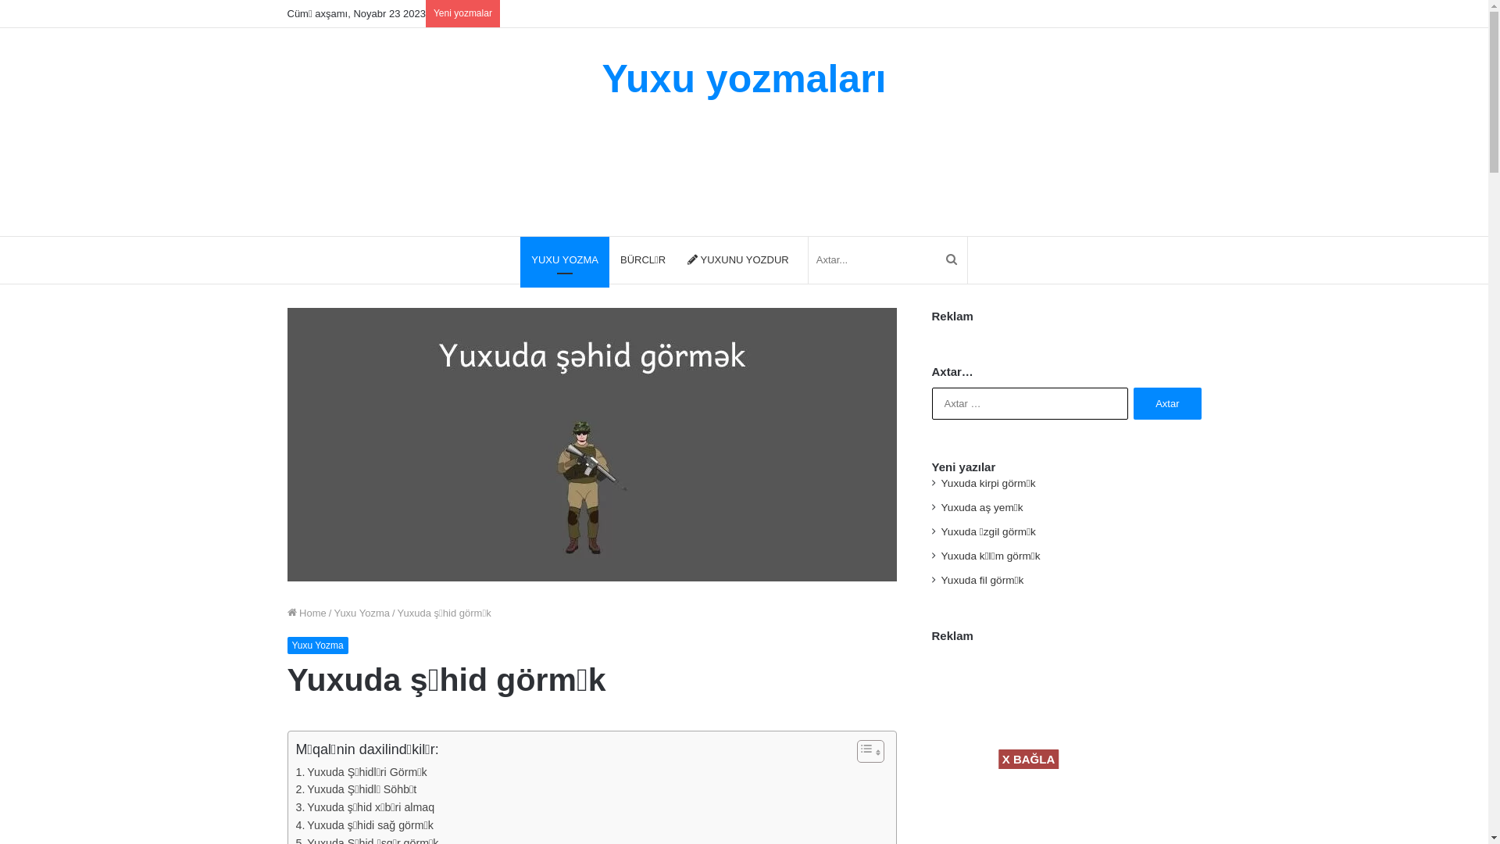 Image resolution: width=1500 pixels, height=844 pixels. Describe the element at coordinates (809, 259) in the screenshot. I see `'Axtar...'` at that location.